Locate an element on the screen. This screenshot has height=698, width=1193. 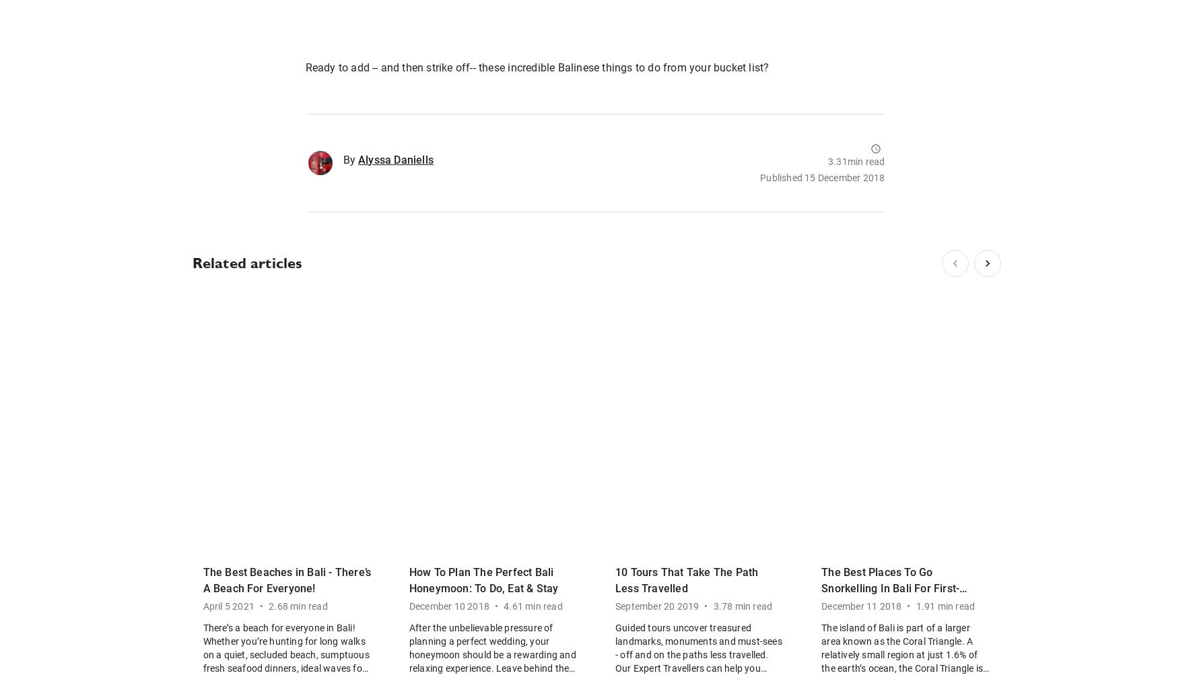
'2.68 min read' is located at coordinates (298, 606).